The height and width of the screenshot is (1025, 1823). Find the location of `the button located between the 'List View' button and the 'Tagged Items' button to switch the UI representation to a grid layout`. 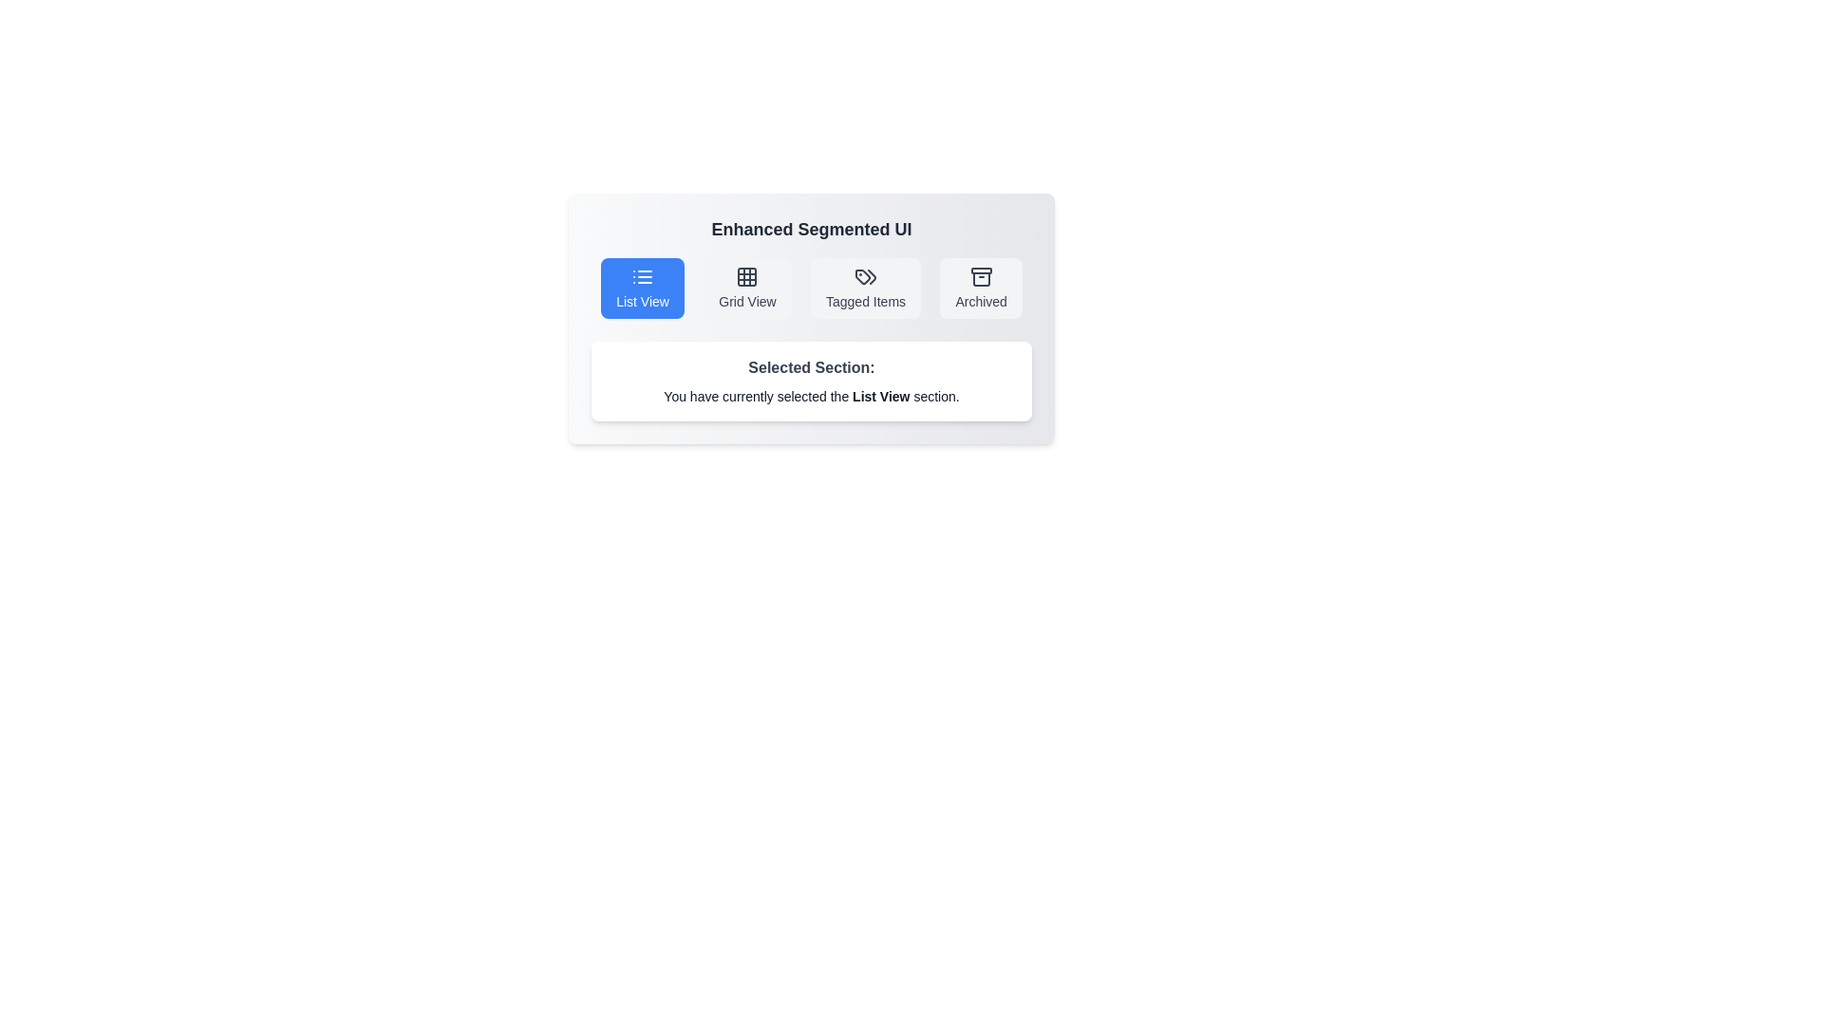

the button located between the 'List View' button and the 'Tagged Items' button to switch the UI representation to a grid layout is located at coordinates (746, 289).